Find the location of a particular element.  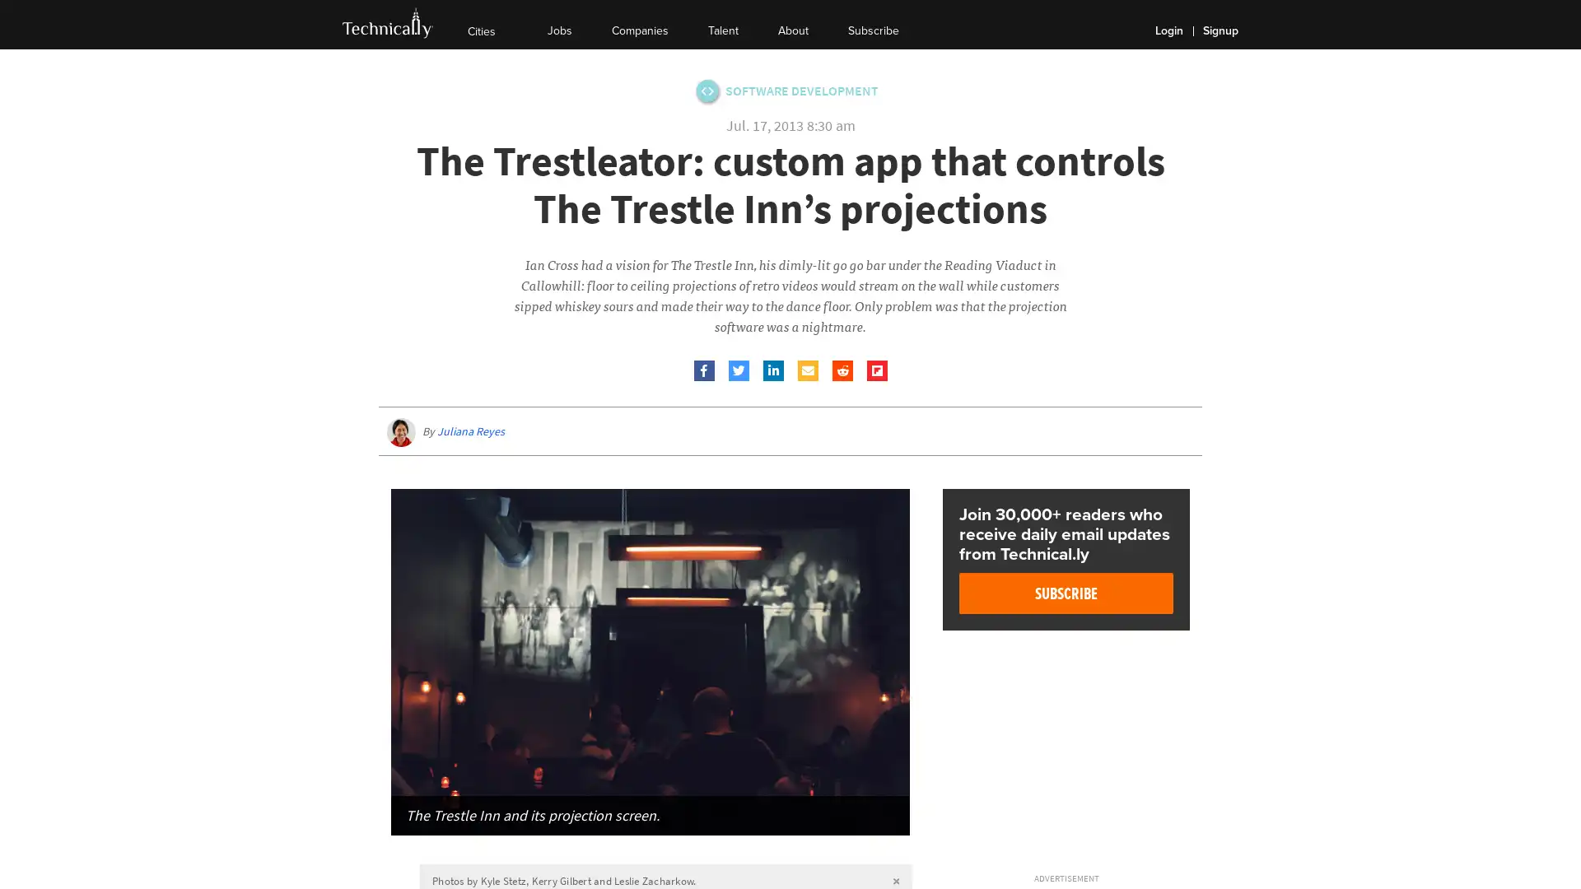

Subscribe is located at coordinates (1066, 593).